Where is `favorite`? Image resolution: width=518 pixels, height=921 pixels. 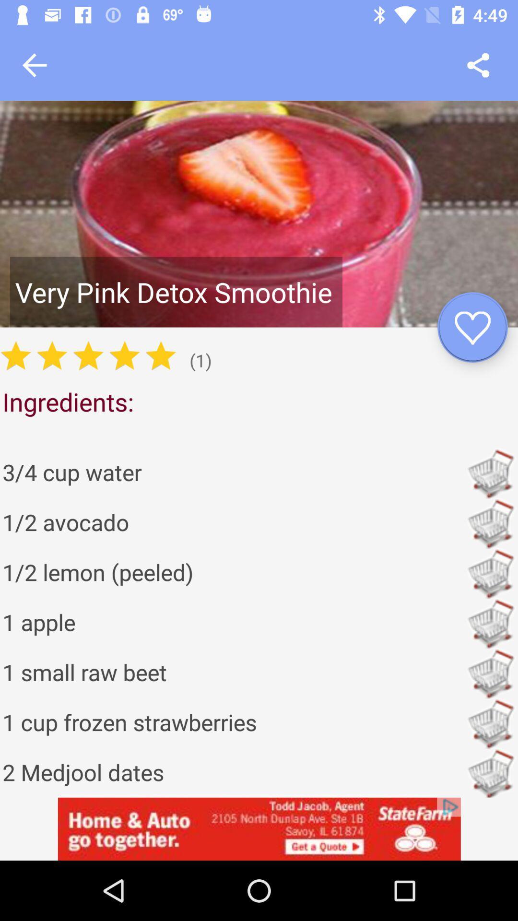
favorite is located at coordinates (472, 327).